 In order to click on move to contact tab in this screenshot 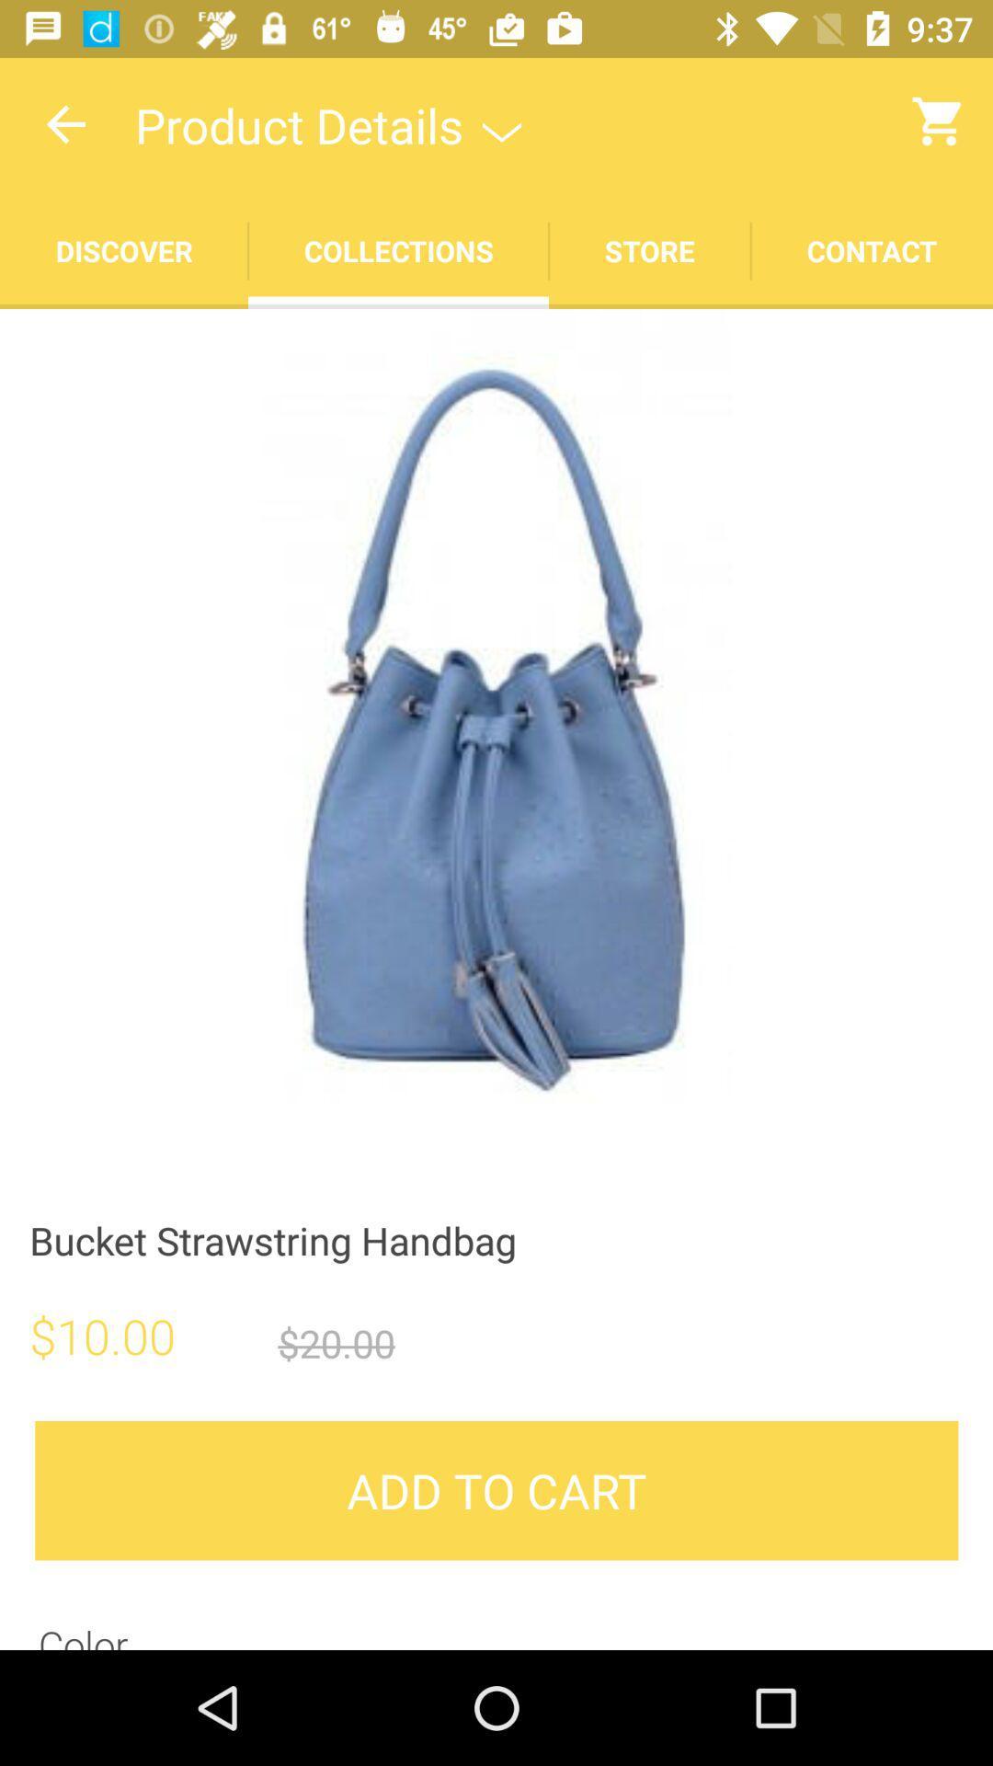, I will do `click(871, 250)`.